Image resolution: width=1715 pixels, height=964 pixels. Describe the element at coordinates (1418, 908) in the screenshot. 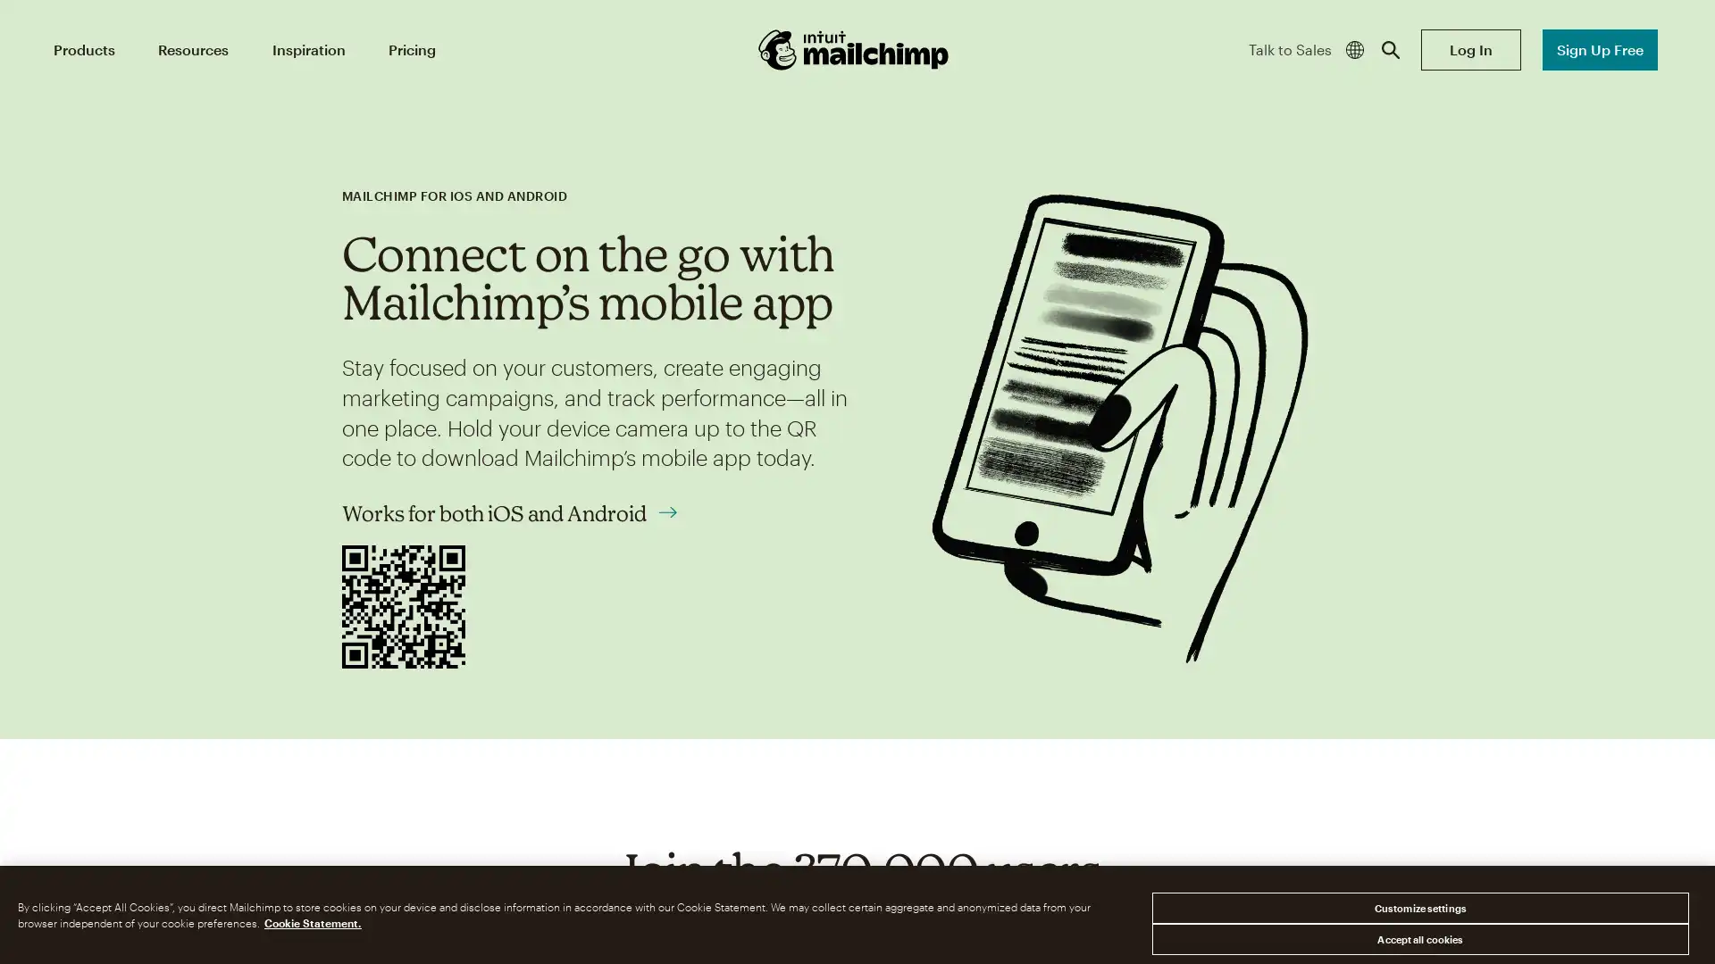

I see `Customize settings` at that location.